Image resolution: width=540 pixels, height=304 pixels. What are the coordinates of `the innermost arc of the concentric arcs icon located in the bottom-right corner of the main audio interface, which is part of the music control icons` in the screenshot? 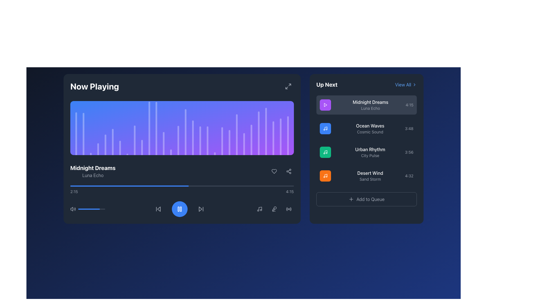 It's located at (287, 209).